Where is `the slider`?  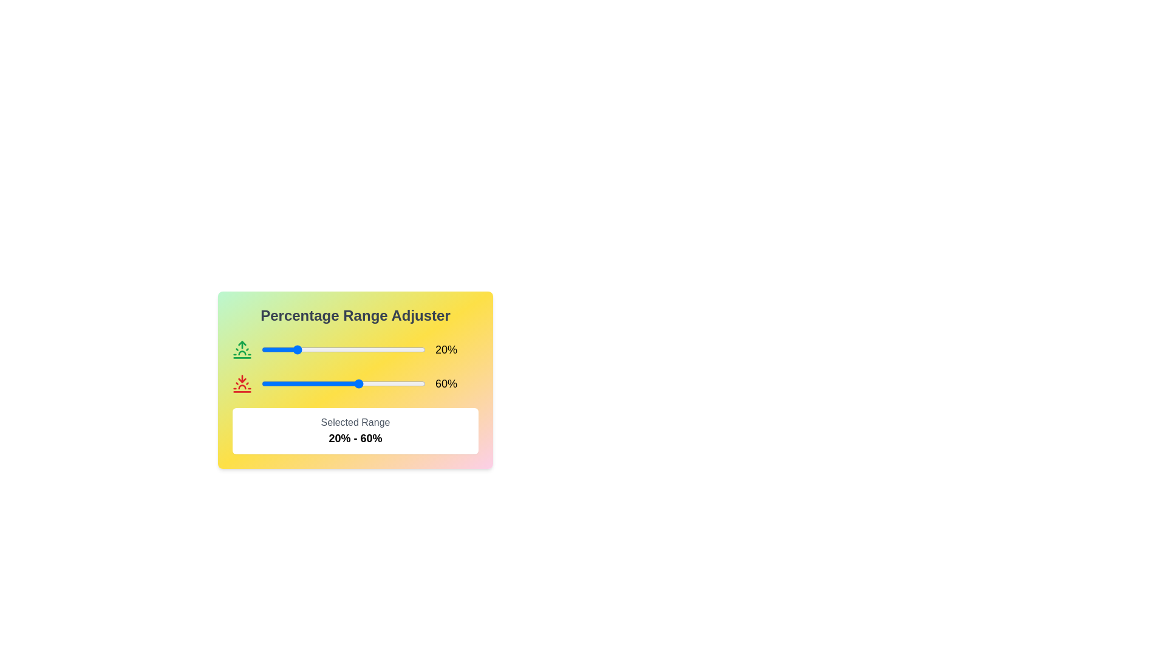 the slider is located at coordinates (324, 349).